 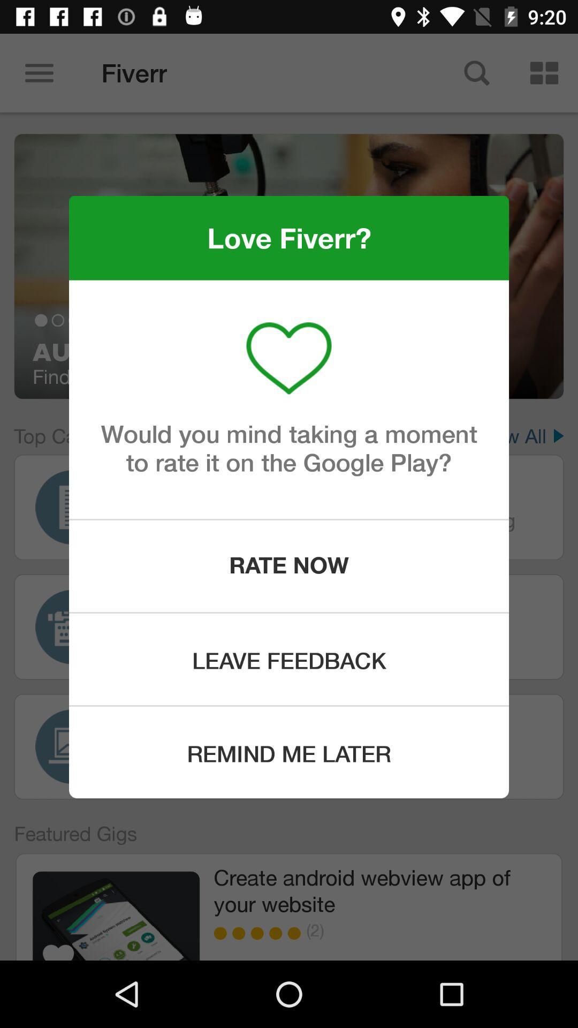 I want to click on the remind me later, so click(x=289, y=752).